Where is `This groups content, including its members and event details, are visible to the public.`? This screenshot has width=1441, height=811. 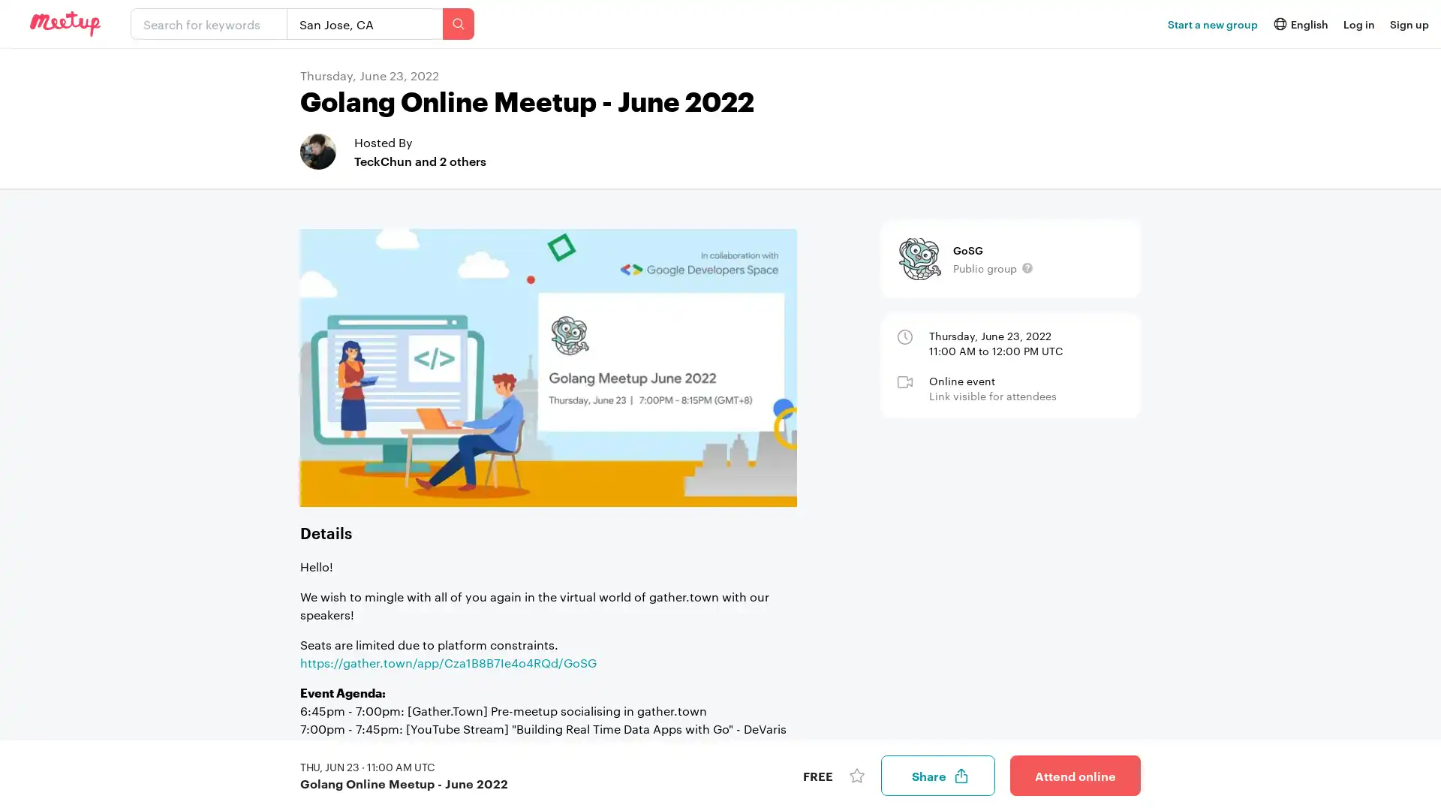 This groups content, including its members and event details, are visible to the public. is located at coordinates (1026, 267).